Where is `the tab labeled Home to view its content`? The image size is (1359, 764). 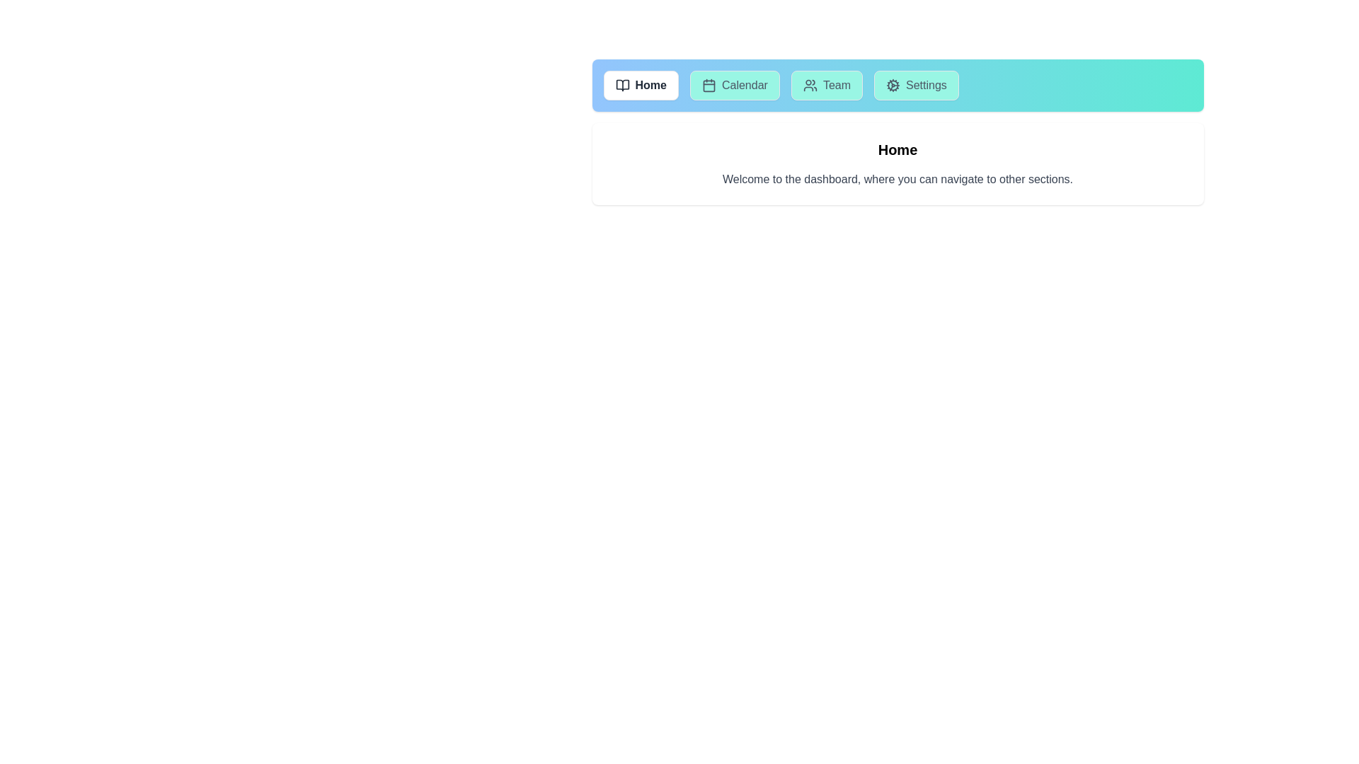
the tab labeled Home to view its content is located at coordinates (640, 85).